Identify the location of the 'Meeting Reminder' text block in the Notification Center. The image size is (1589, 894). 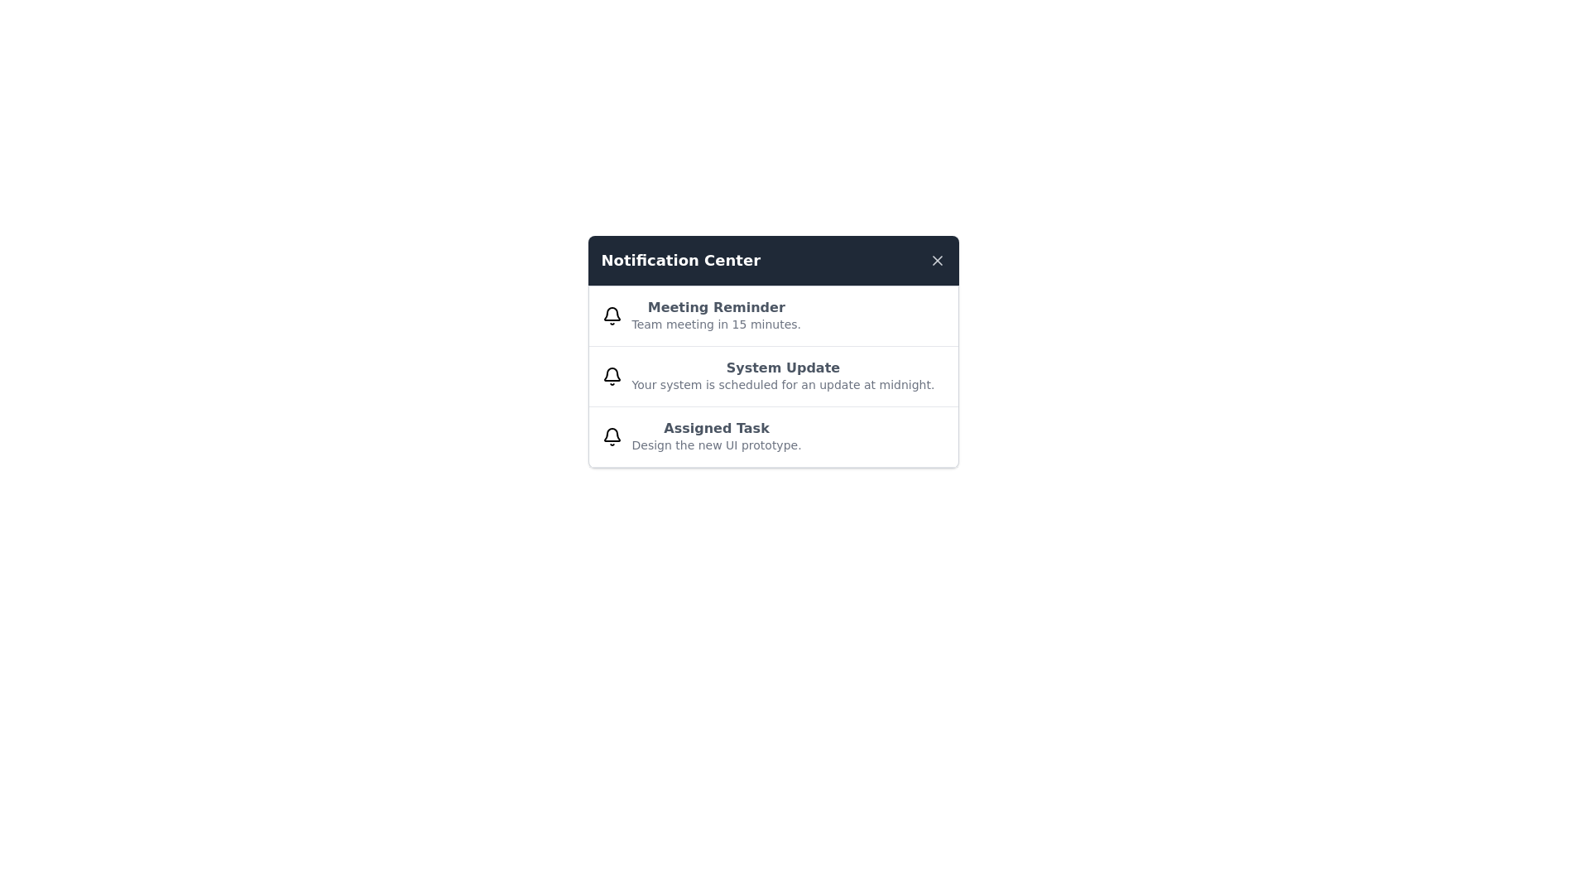
(716, 315).